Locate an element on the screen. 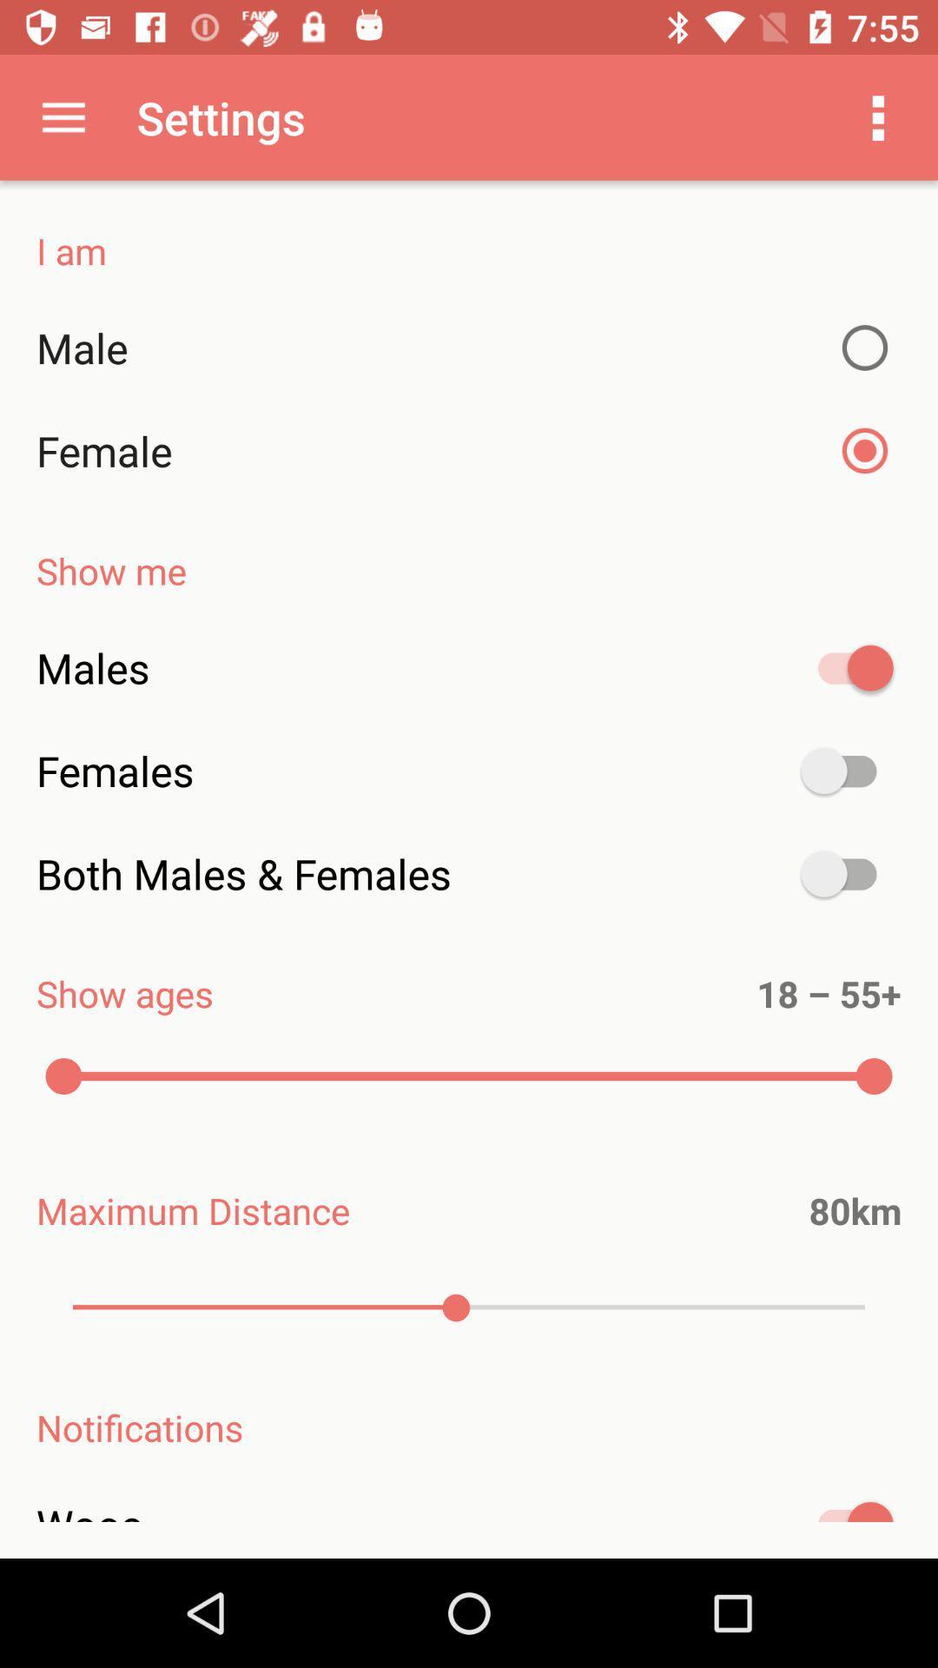  menu options is located at coordinates (878, 116).